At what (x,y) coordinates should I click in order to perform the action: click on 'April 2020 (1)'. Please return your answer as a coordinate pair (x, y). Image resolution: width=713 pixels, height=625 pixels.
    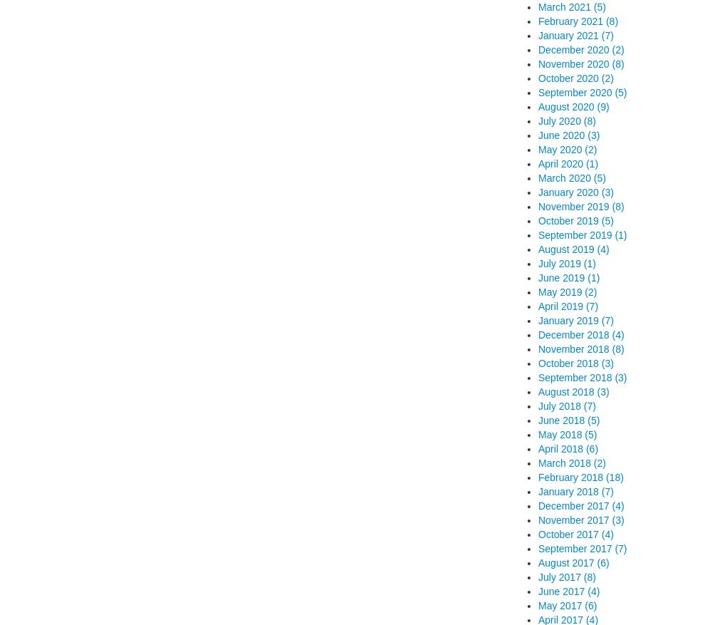
    Looking at the image, I should click on (568, 163).